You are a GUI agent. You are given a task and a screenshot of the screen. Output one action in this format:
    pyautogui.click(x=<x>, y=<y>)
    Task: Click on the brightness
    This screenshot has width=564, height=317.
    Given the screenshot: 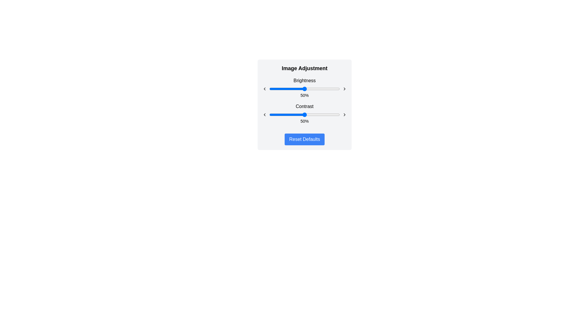 What is the action you would take?
    pyautogui.click(x=329, y=89)
    